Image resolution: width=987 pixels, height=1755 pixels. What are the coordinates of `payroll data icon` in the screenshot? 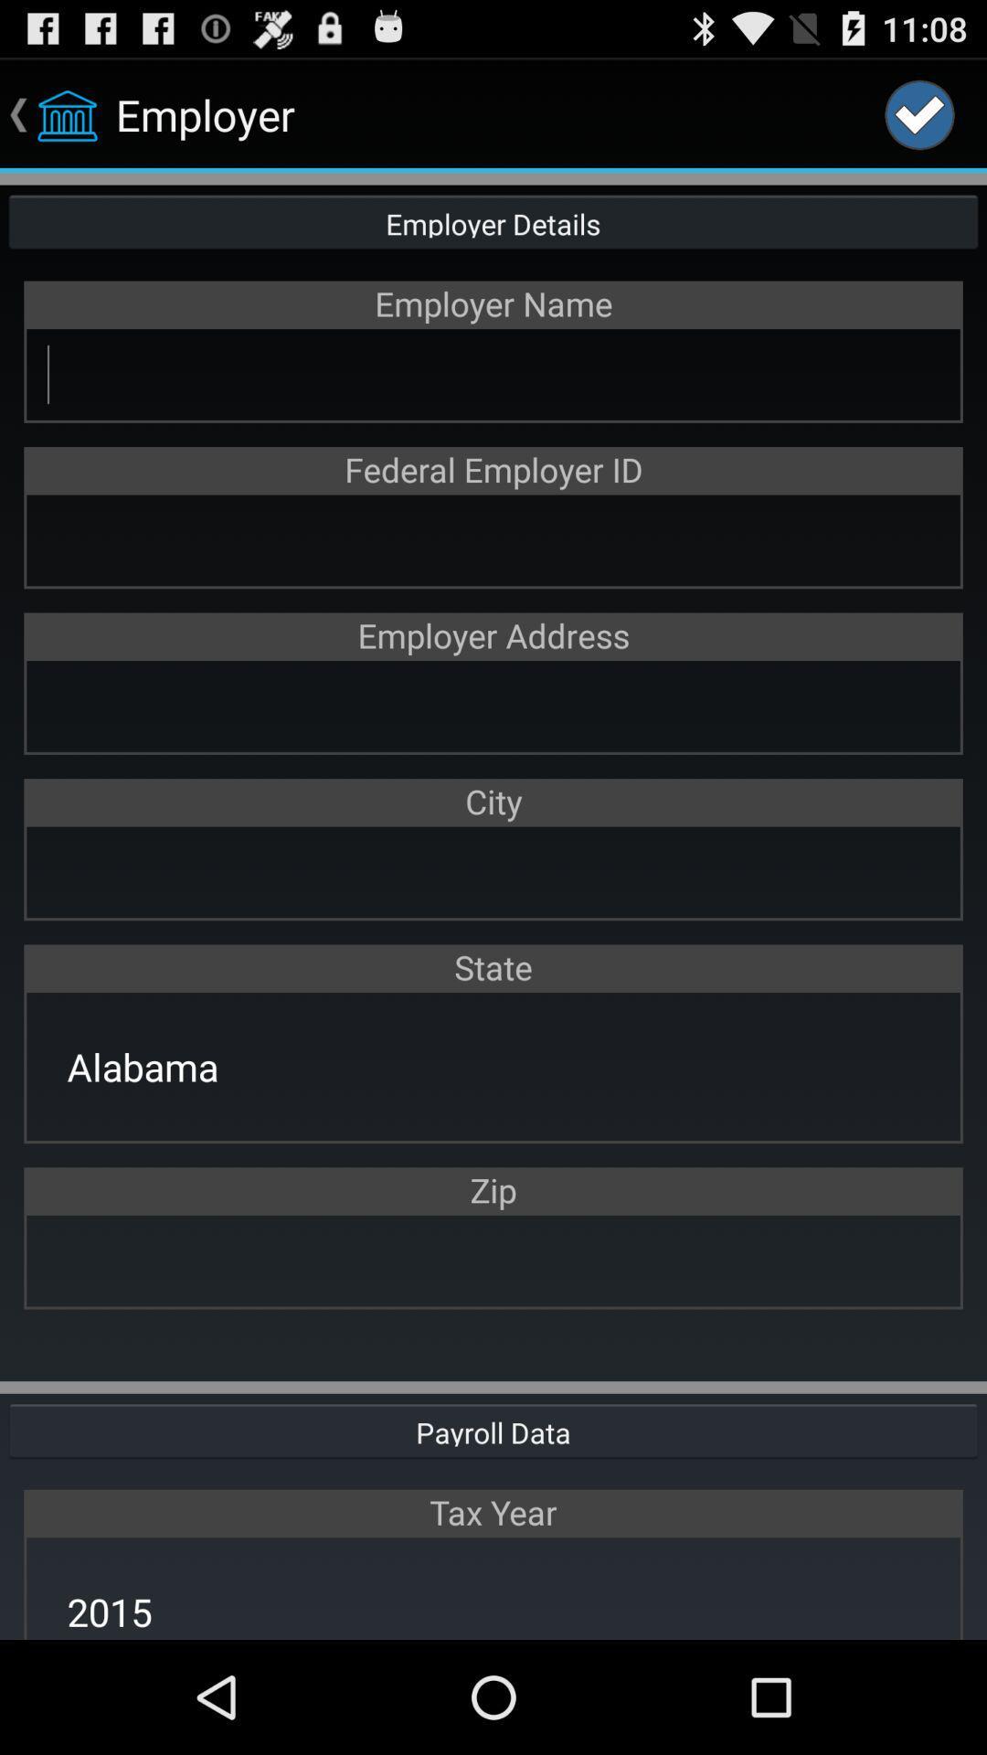 It's located at (493, 1429).